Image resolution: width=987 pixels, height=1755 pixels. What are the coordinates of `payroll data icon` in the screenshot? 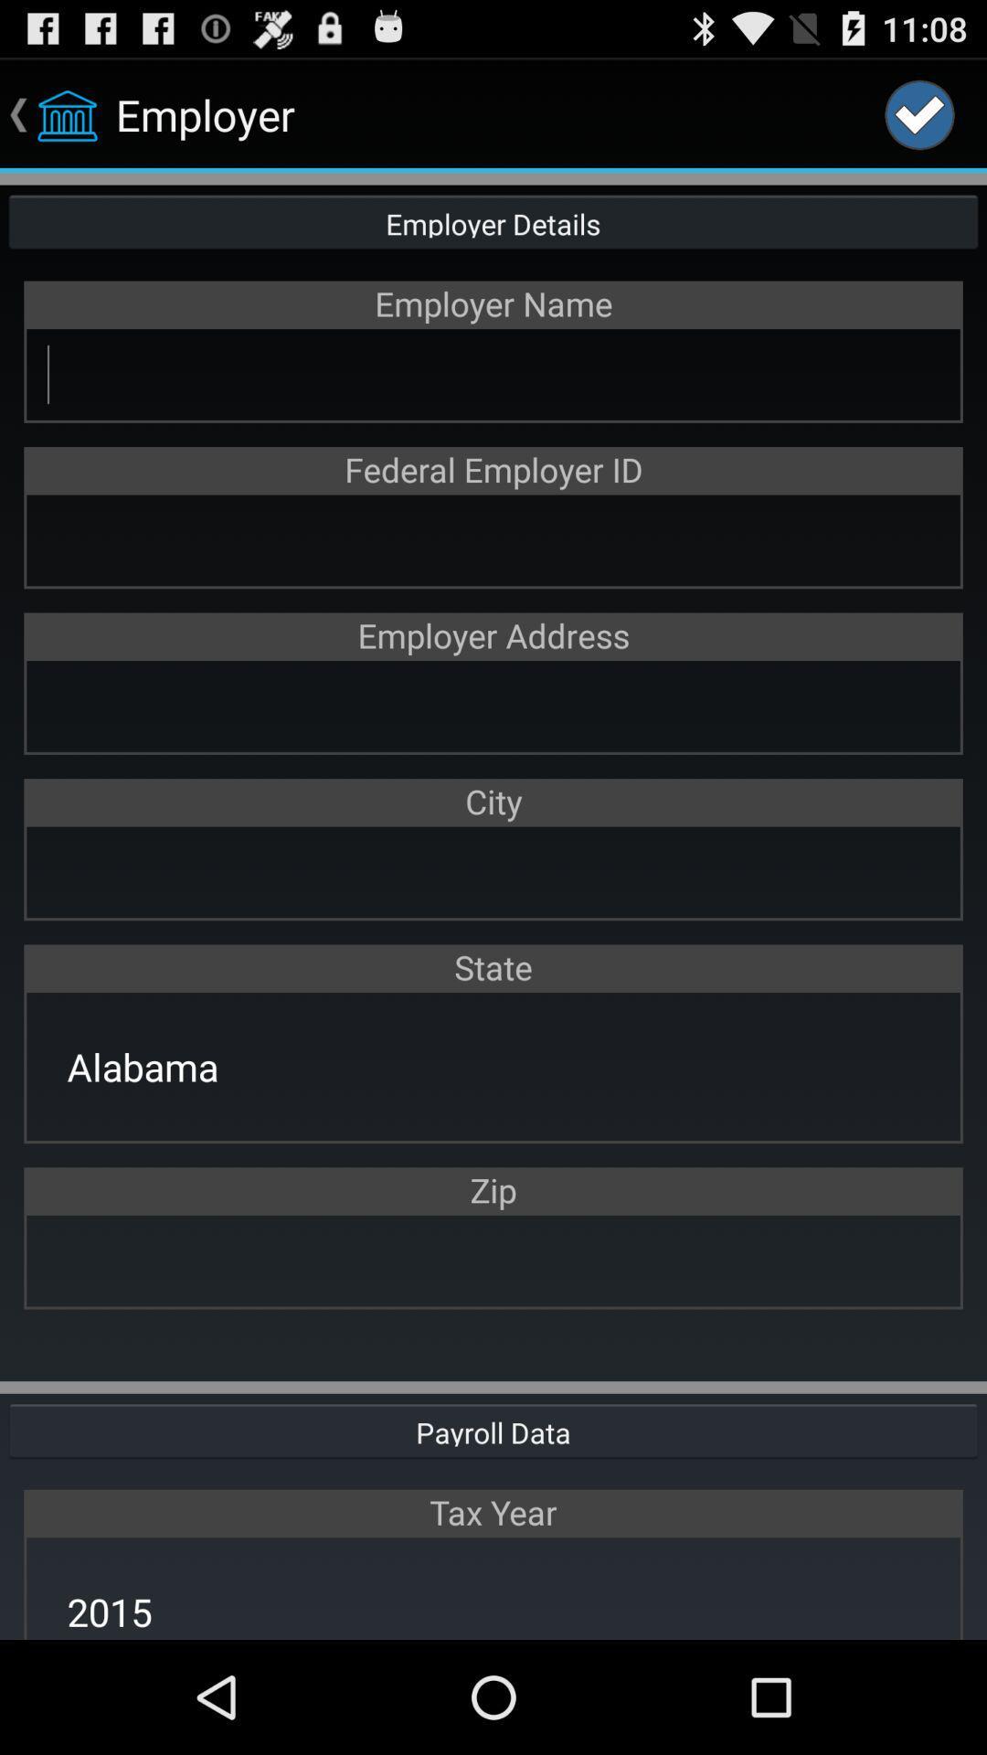 It's located at (493, 1429).